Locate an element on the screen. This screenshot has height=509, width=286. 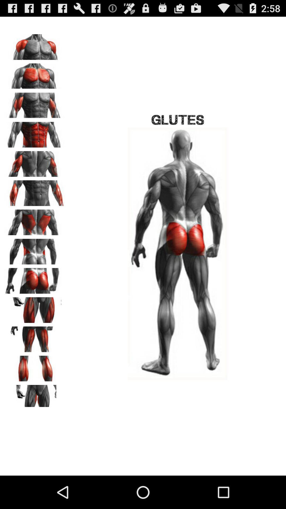
choose the picture to show is located at coordinates (35, 104).